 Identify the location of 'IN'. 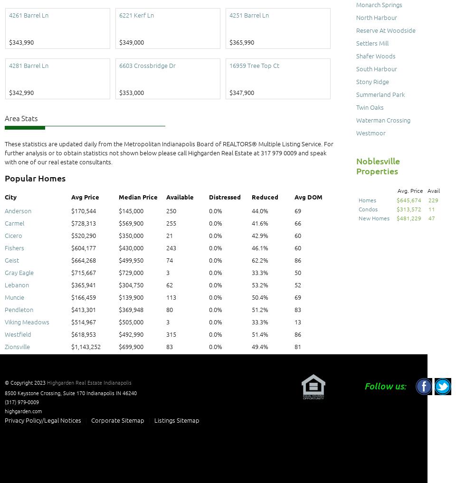
(118, 392).